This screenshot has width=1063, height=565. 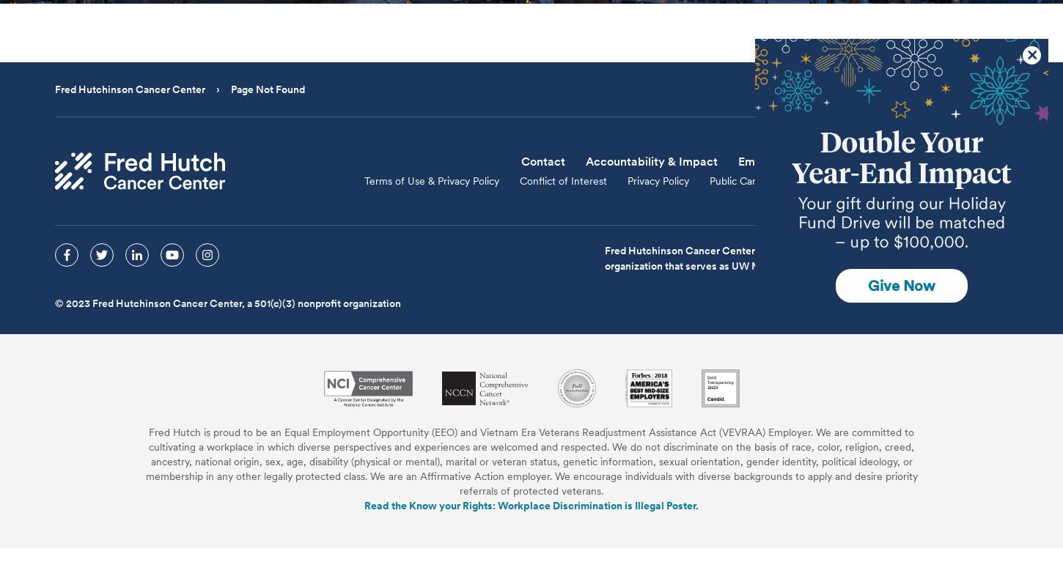 What do you see at coordinates (750, 181) in the screenshot?
I see `'Public Care Policy'` at bounding box center [750, 181].